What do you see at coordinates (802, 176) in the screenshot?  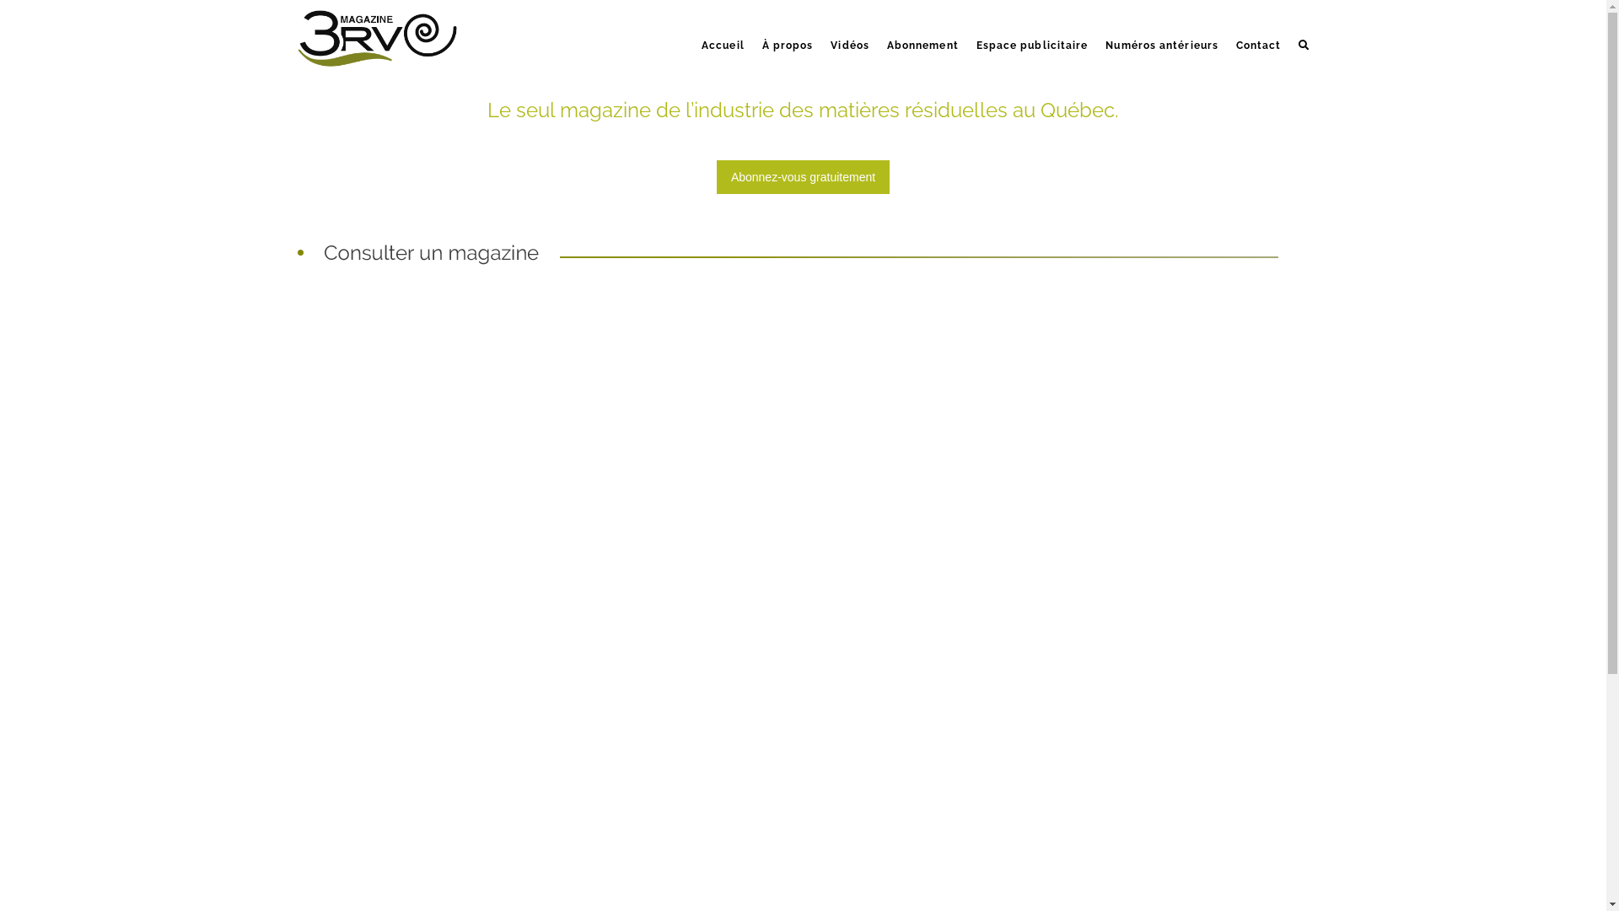 I see `'Abonnez-vous gratuitement'` at bounding box center [802, 176].